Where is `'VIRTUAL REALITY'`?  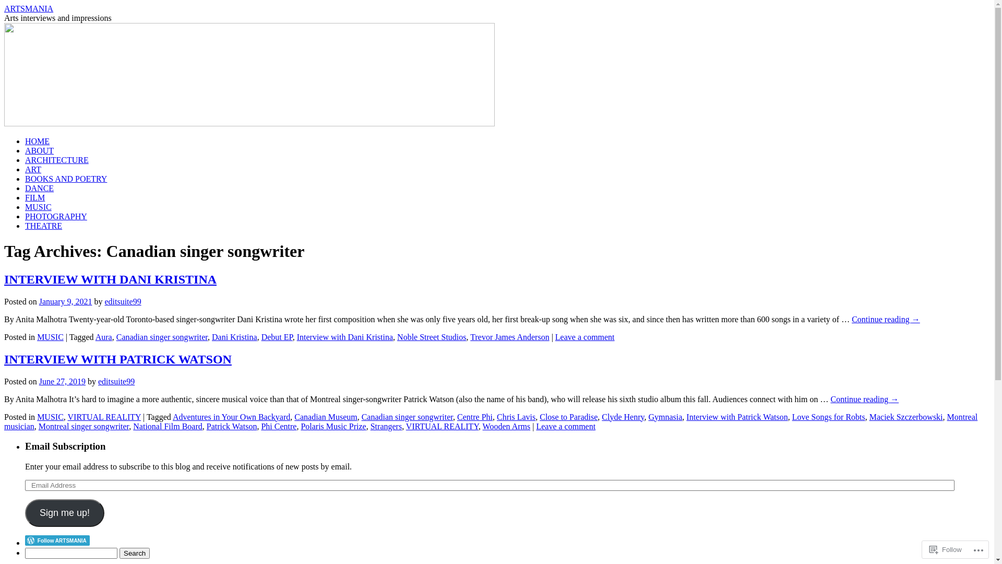 'VIRTUAL REALITY' is located at coordinates (442, 426).